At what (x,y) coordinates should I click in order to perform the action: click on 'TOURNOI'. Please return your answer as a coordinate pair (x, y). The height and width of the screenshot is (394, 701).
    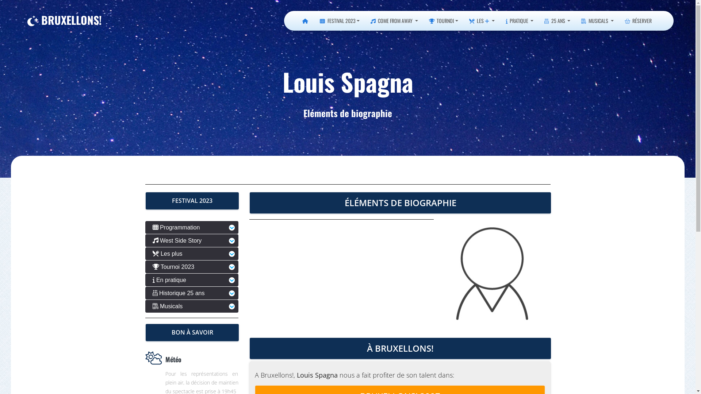
    Looking at the image, I should click on (443, 20).